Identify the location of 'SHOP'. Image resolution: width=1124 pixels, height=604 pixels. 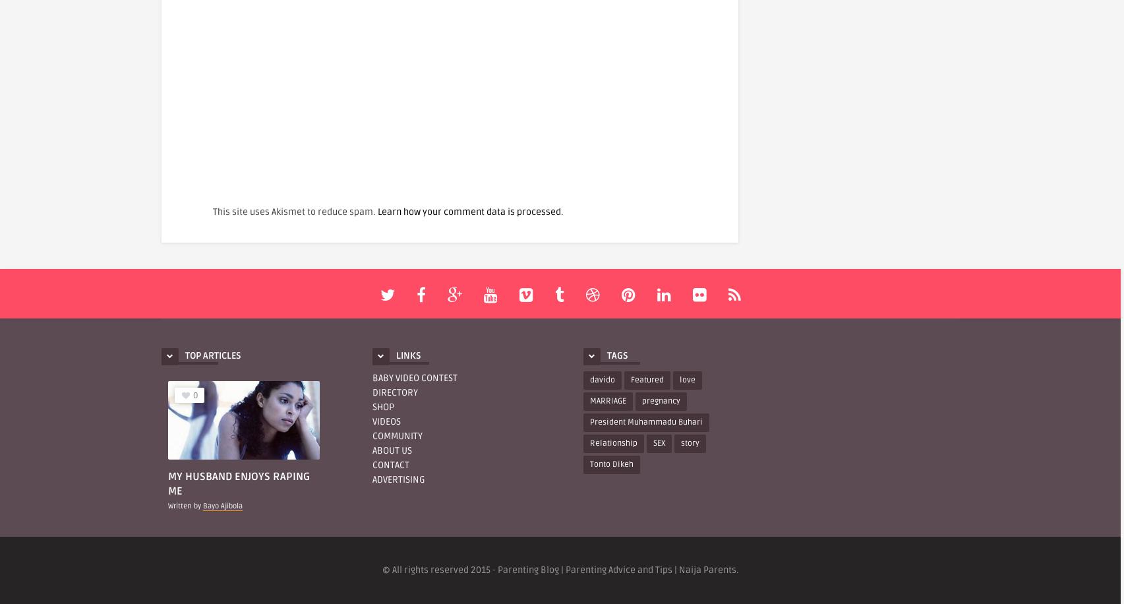
(383, 406).